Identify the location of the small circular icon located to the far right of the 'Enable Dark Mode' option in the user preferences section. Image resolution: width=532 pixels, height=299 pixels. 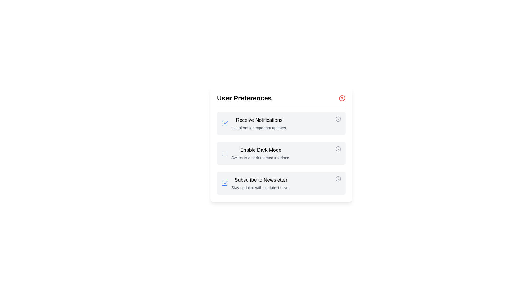
(338, 148).